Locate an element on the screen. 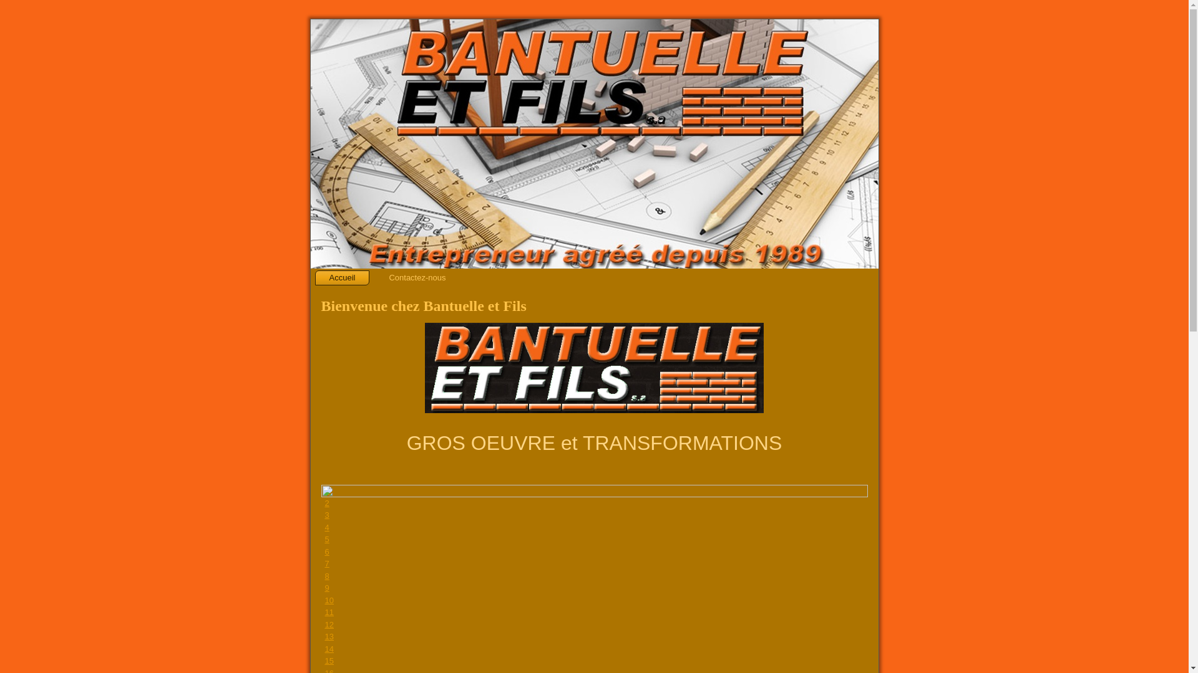  '10' is located at coordinates (329, 599).